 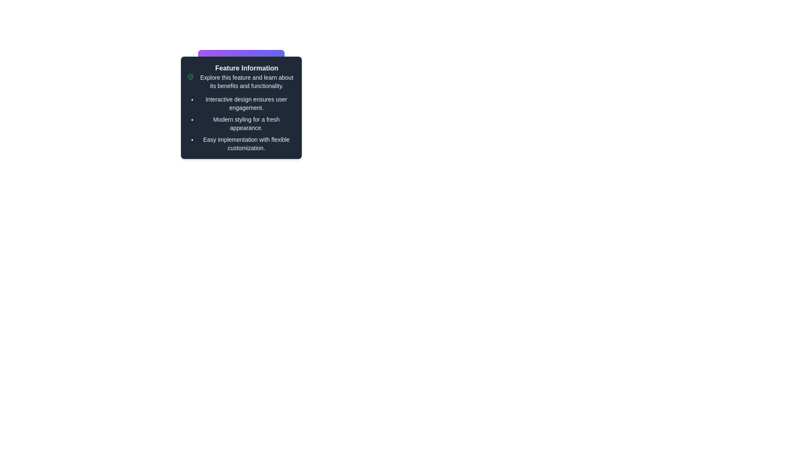 I want to click on descriptive text located below the title 'Feature Information' at the top center of the panel, so click(x=246, y=82).